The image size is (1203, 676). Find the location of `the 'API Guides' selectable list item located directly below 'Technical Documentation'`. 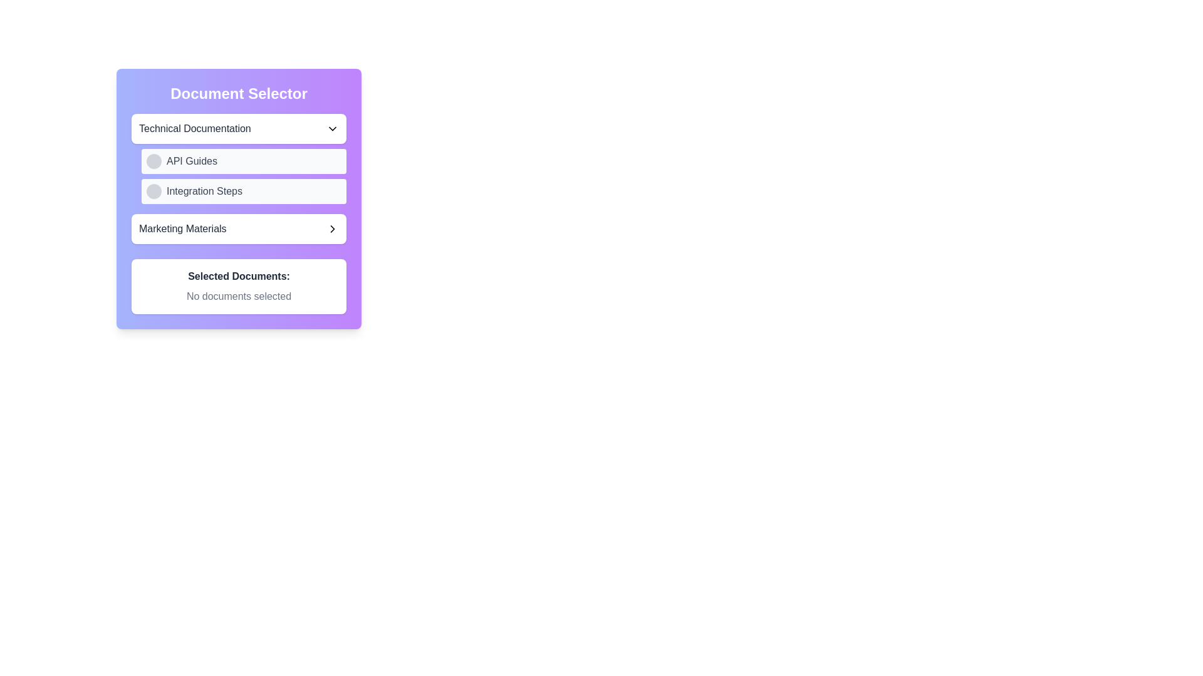

the 'API Guides' selectable list item located directly below 'Technical Documentation' is located at coordinates (239, 158).